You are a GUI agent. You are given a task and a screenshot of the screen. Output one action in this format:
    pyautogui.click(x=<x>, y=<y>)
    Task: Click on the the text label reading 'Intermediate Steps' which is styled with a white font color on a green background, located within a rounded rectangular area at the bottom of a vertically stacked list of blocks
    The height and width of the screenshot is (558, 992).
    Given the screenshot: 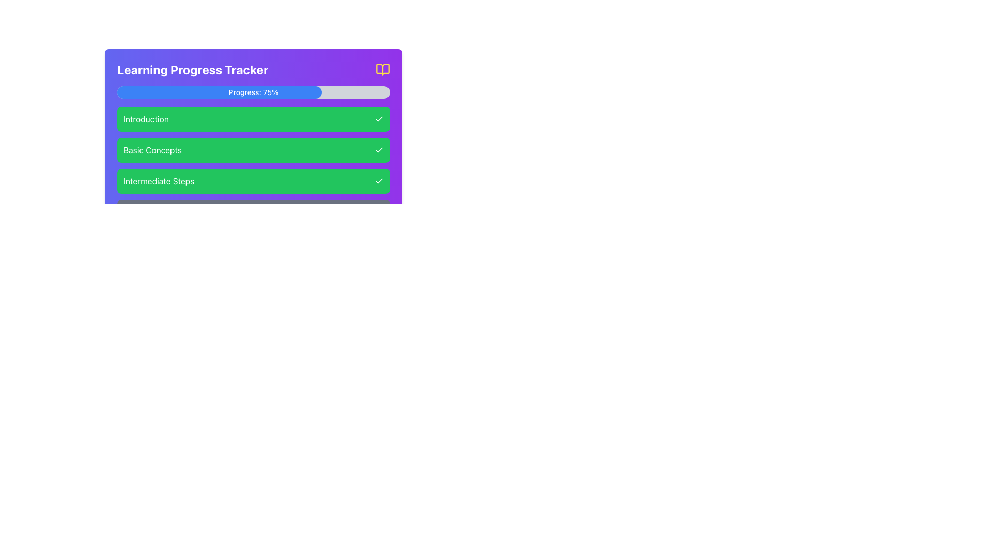 What is the action you would take?
    pyautogui.click(x=158, y=181)
    